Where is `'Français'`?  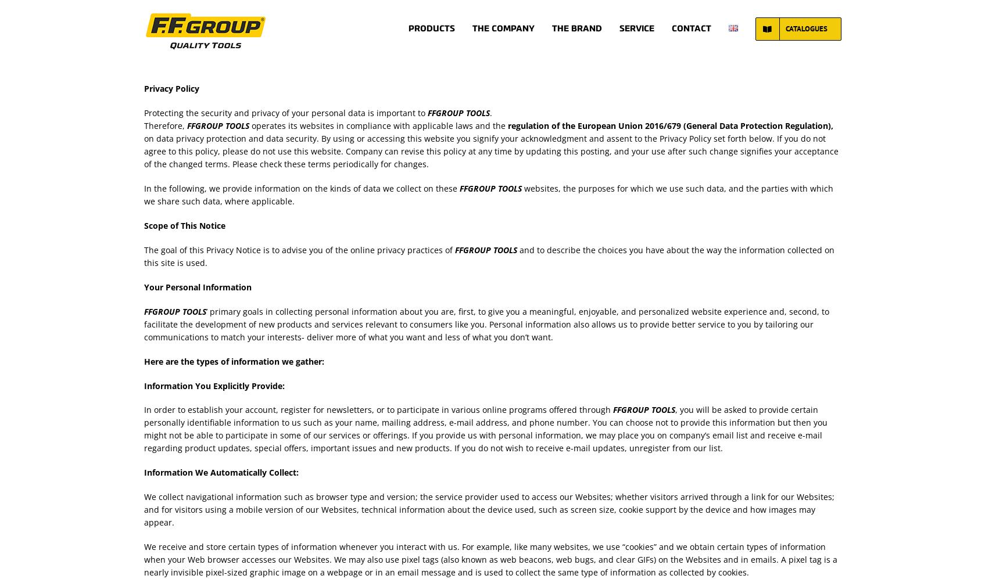 'Français' is located at coordinates (750, 89).